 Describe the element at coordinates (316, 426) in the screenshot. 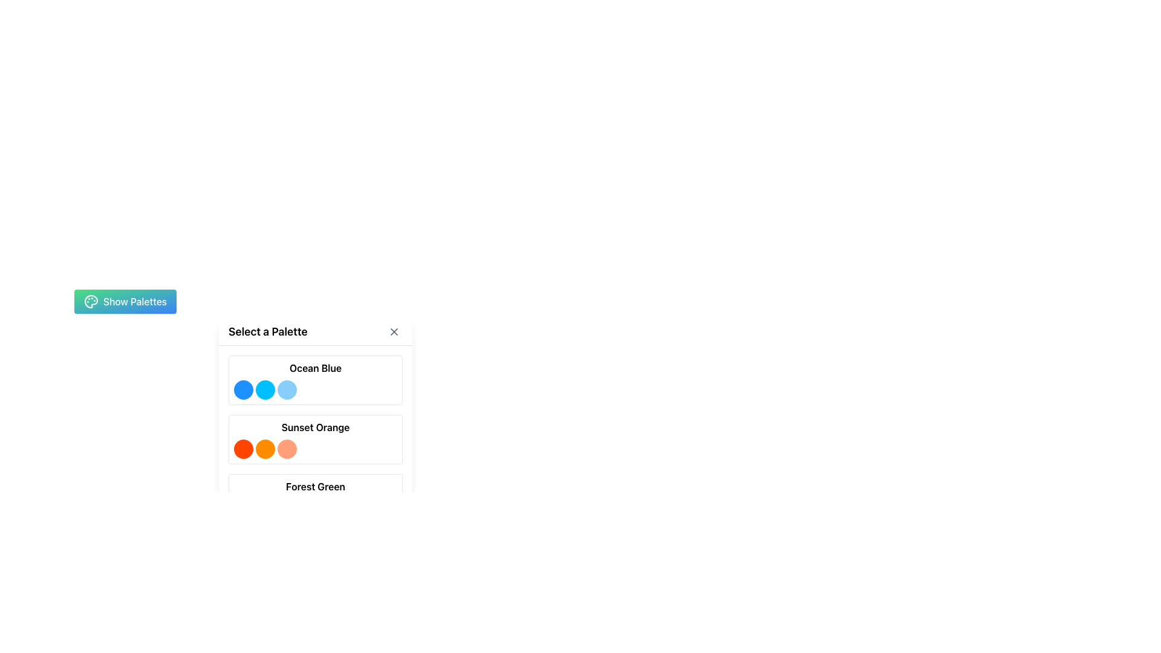

I see `the 'Sunset Orange' text label, which is located under the 'Select a Palette' title and above 'Forest Green', to interact with its associated color palette` at that location.